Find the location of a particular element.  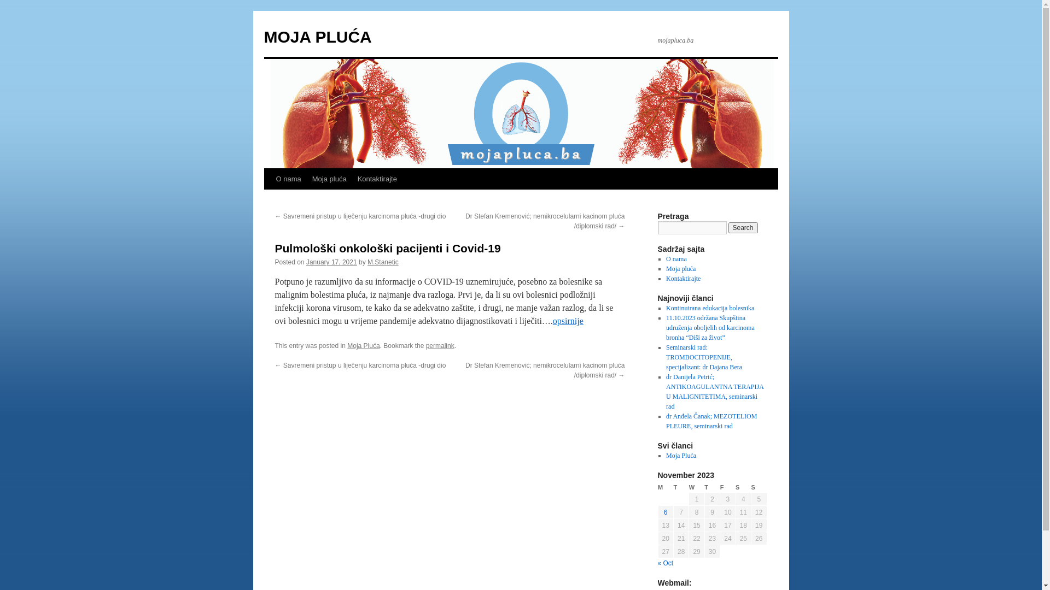

'opsirnije' is located at coordinates (553, 320).